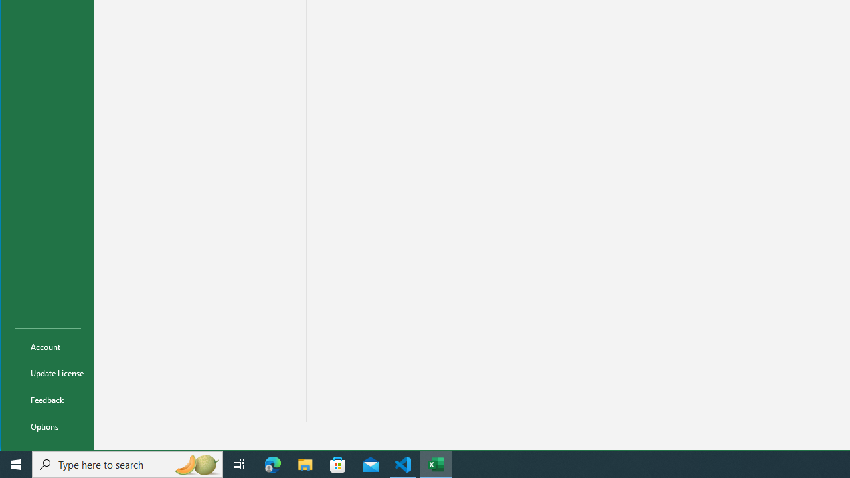  Describe the element at coordinates (48, 372) in the screenshot. I see `'Update License'` at that location.